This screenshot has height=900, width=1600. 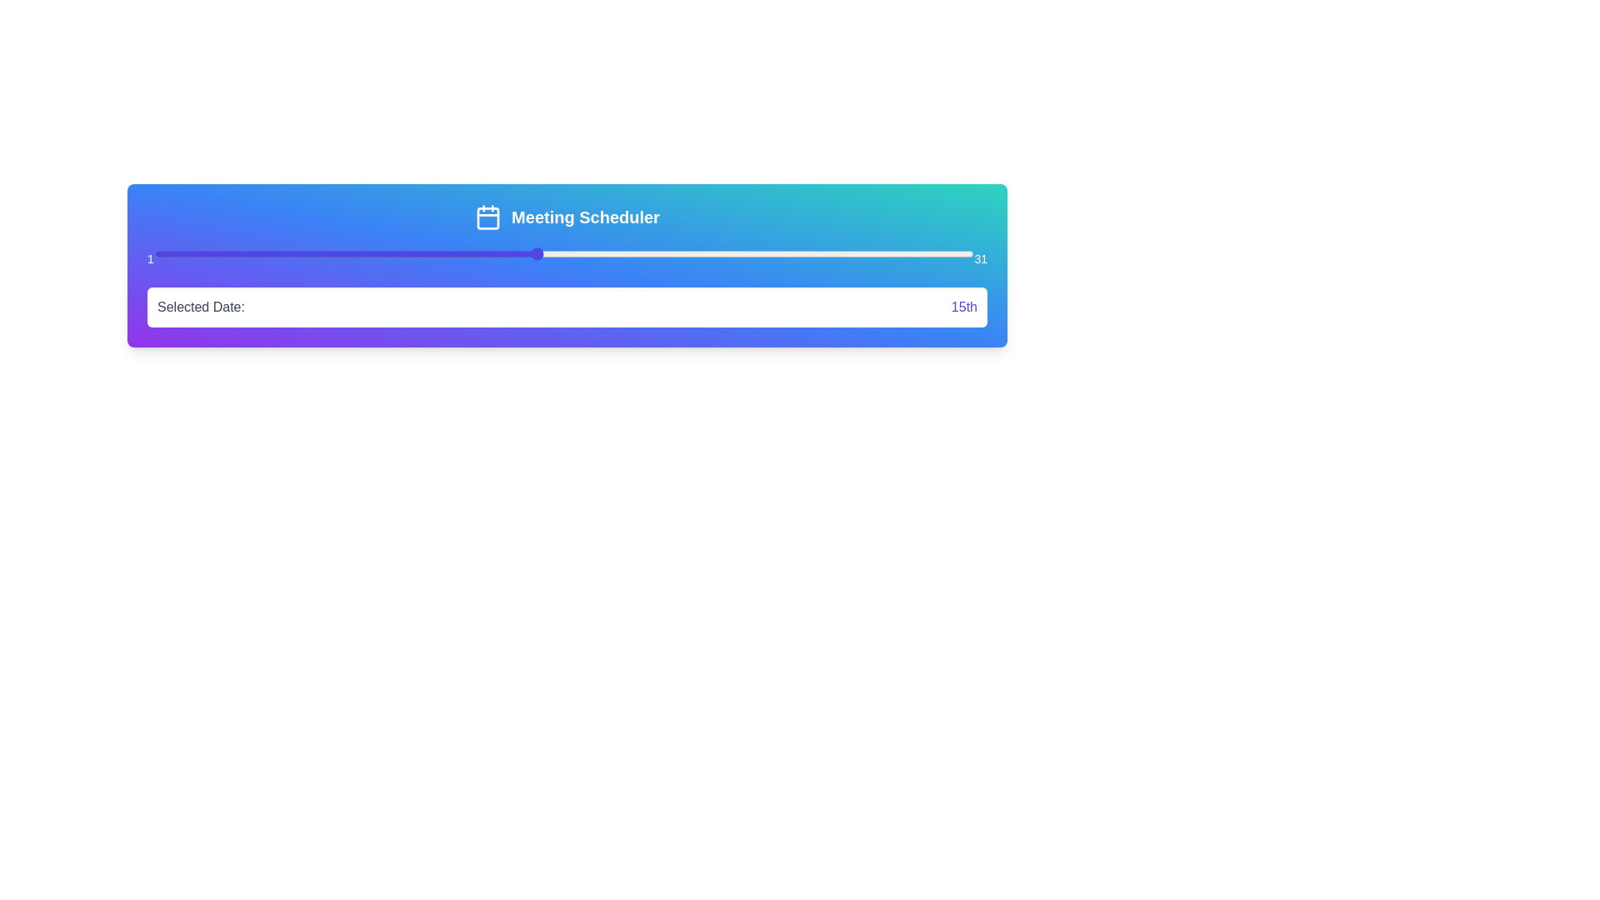 I want to click on the slider, so click(x=617, y=253).